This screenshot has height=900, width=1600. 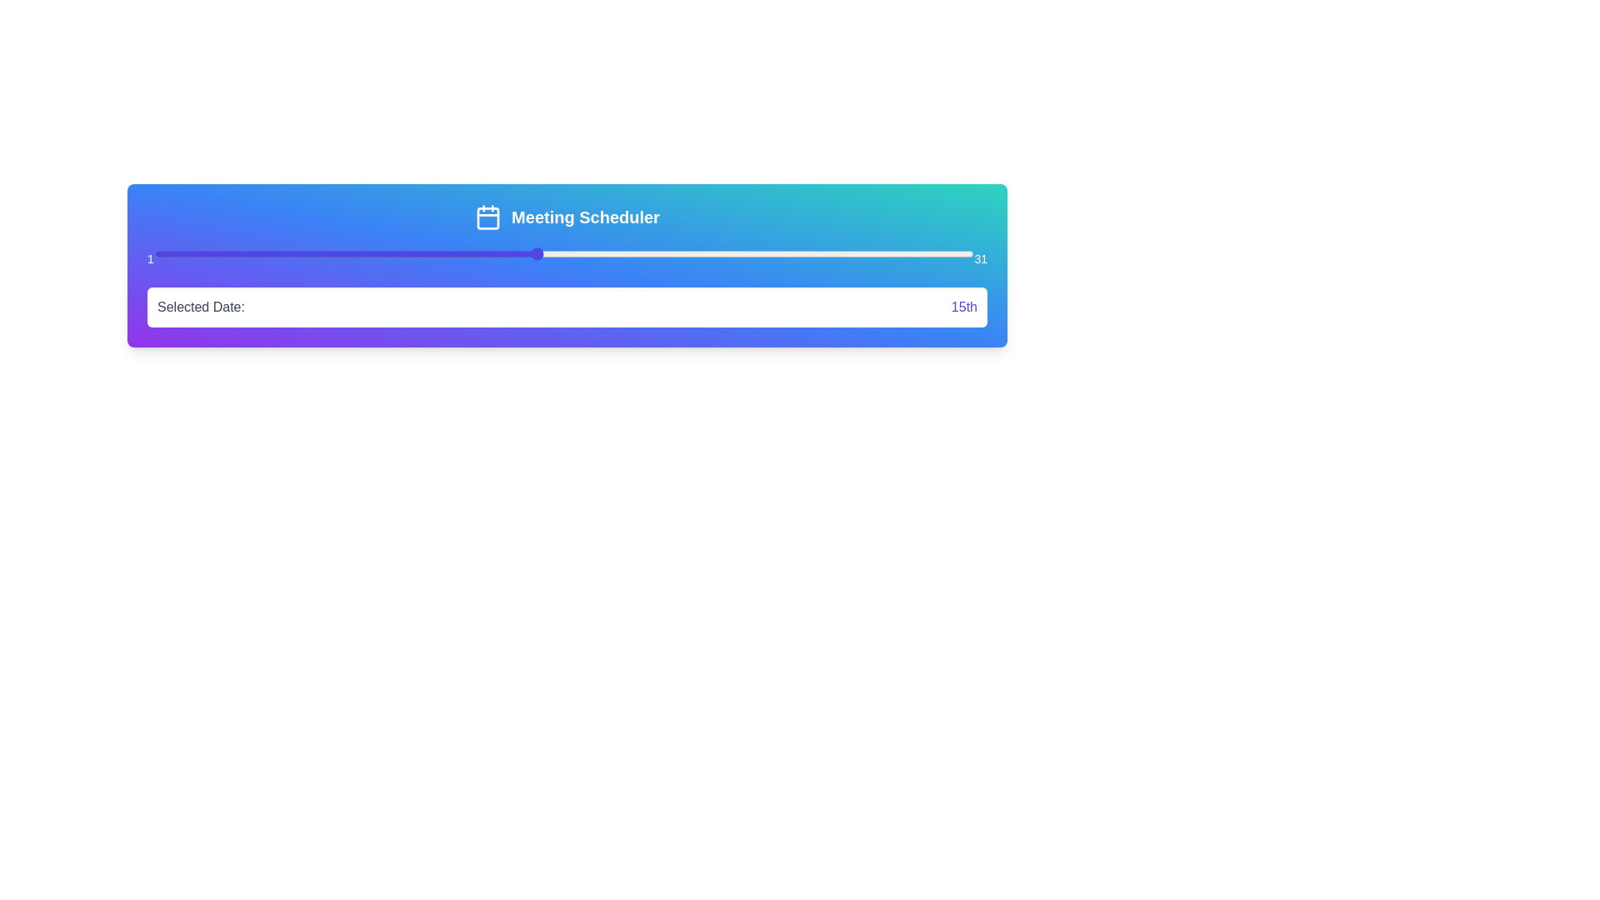 I want to click on the slider, so click(x=617, y=253).